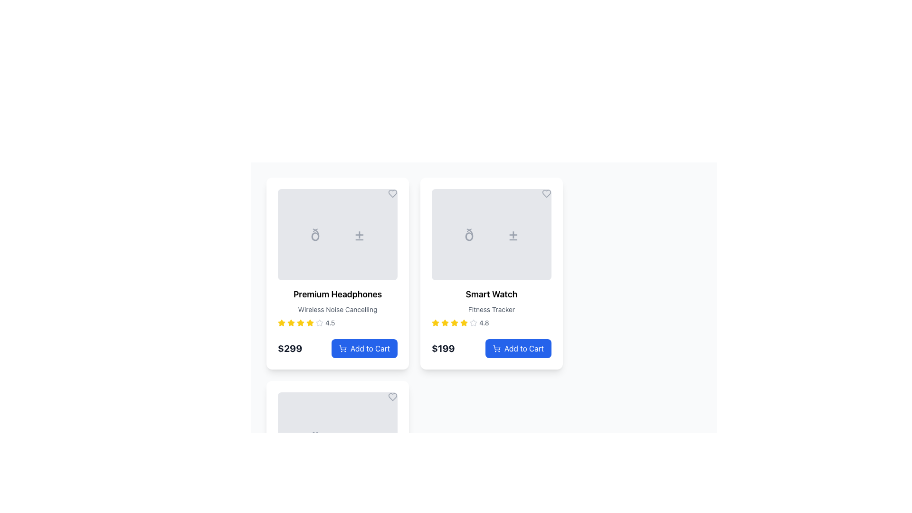 This screenshot has width=912, height=513. What do you see at coordinates (523, 348) in the screenshot?
I see `the 'Add to Cart' button text label for the 'Smart Watch' product` at bounding box center [523, 348].